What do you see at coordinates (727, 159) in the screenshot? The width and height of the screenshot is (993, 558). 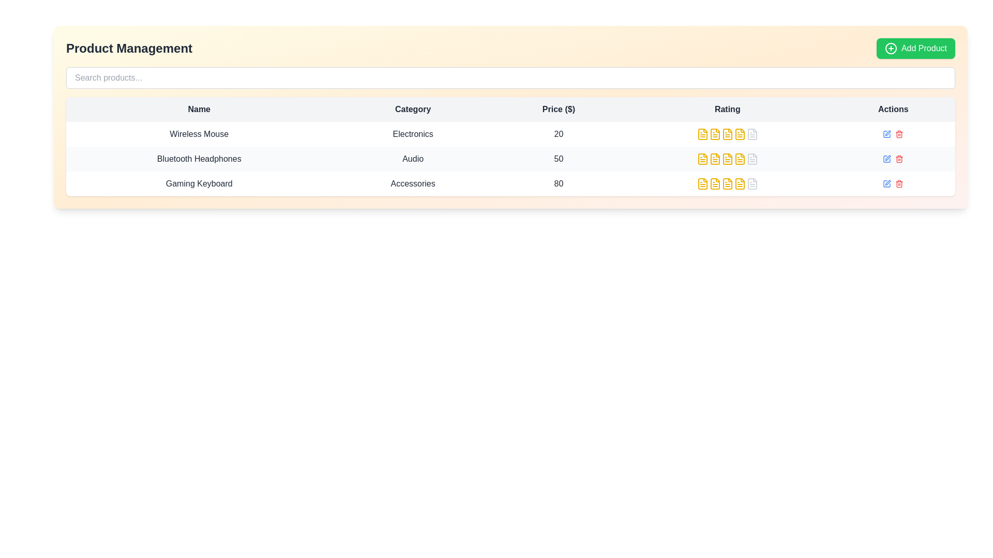 I see `the yellow document icon outlined in white, which is the third icon in the 'Rating' column of the 'Bluetooth Headphones' row` at bounding box center [727, 159].